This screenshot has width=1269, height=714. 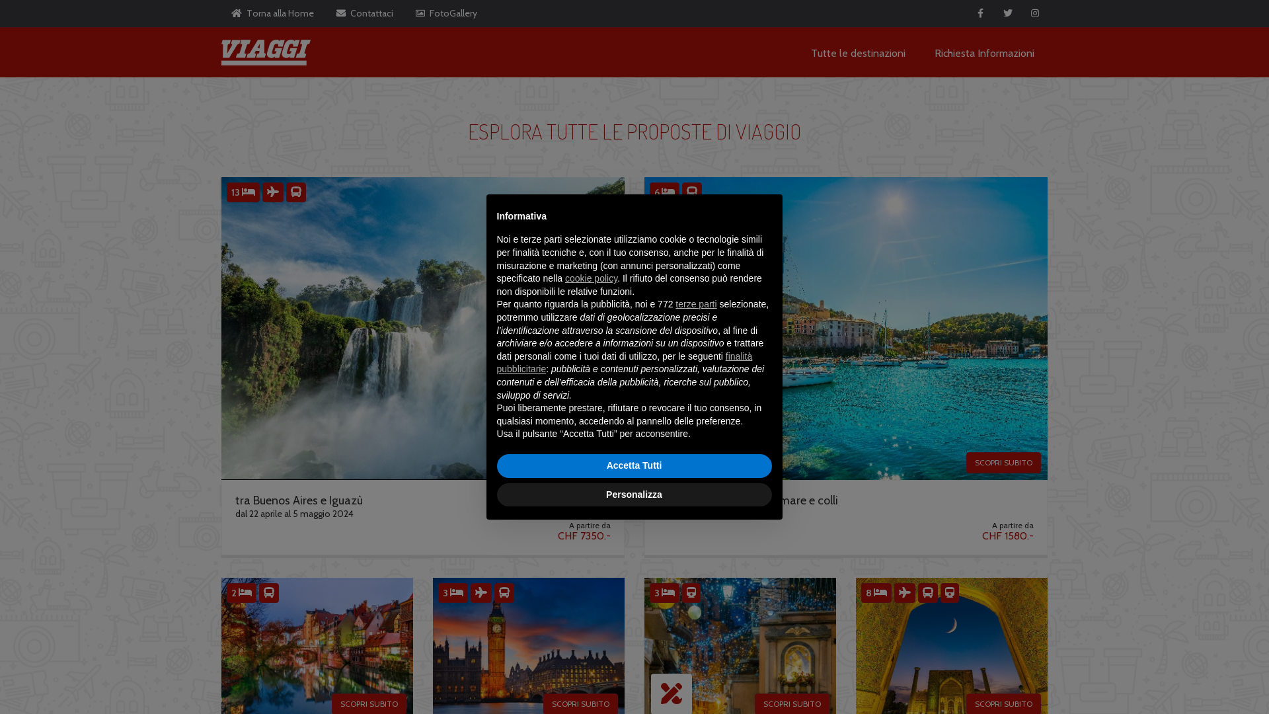 I want to click on 'Contattaci', so click(x=365, y=13).